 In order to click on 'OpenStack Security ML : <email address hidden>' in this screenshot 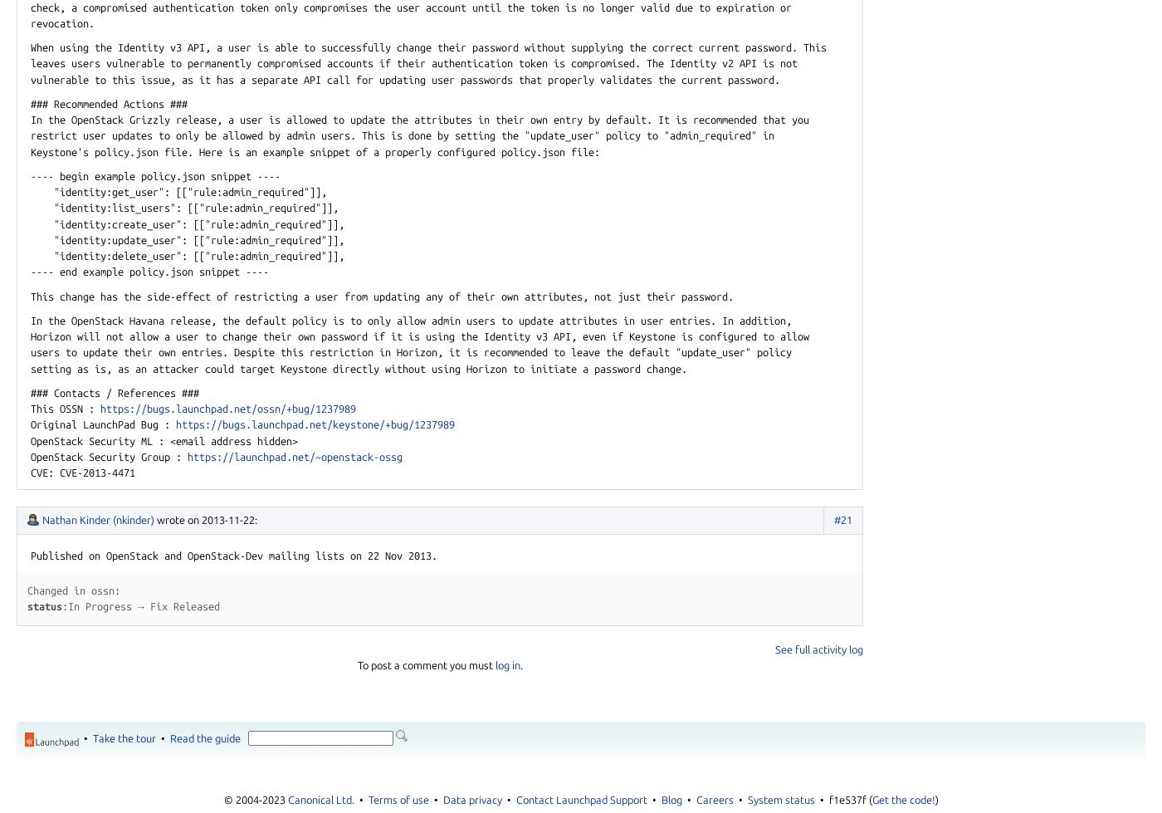, I will do `click(164, 439)`.